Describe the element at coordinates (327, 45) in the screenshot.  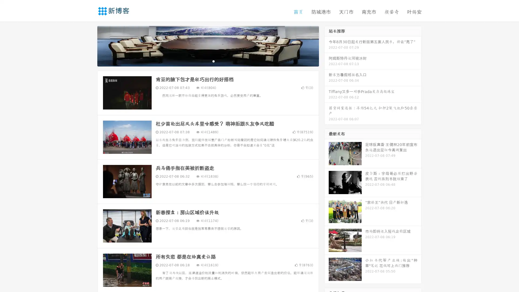
I see `Next slide` at that location.